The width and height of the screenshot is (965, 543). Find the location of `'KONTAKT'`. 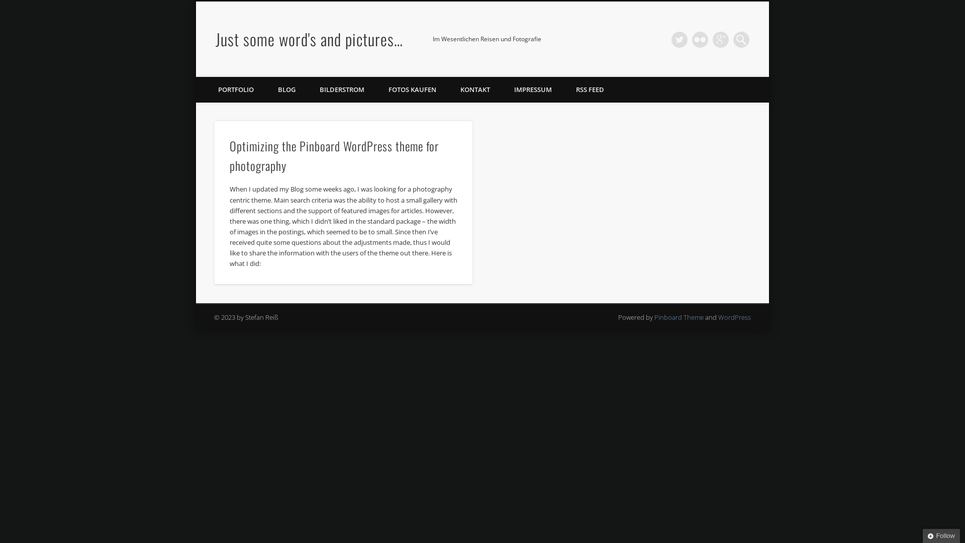

'KONTAKT' is located at coordinates (474, 89).